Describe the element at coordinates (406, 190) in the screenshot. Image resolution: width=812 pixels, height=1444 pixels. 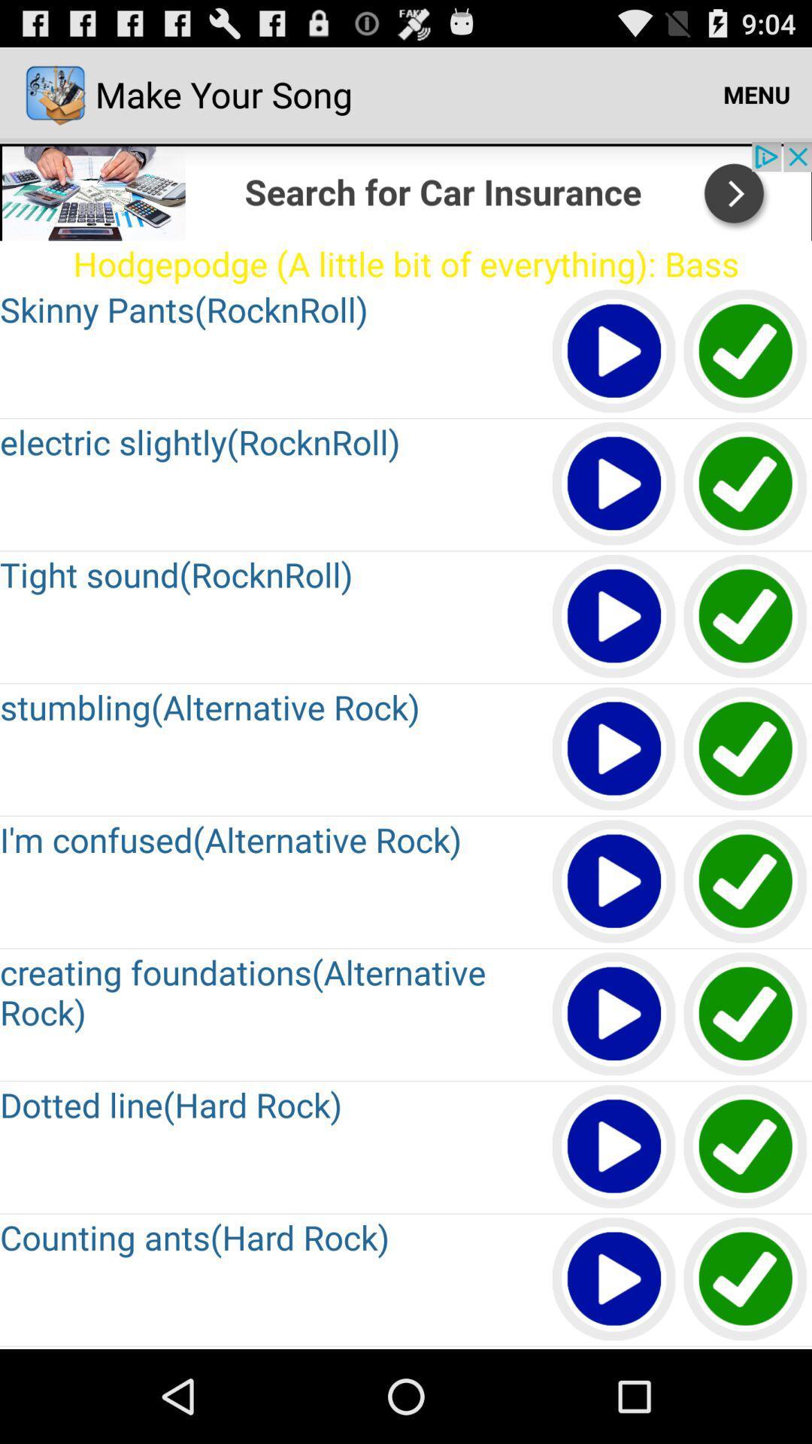
I see `click search` at that location.